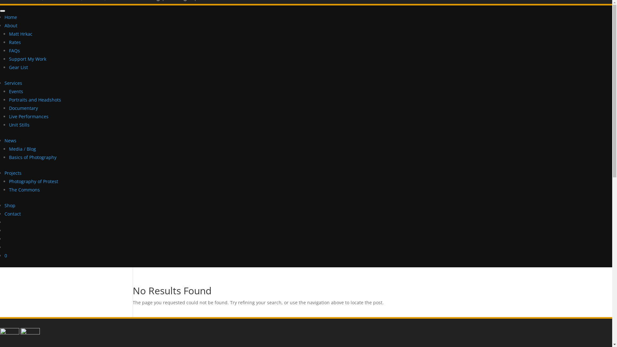 The height and width of the screenshot is (347, 617). Describe the element at coordinates (28, 116) in the screenshot. I see `'Live Performances'` at that location.